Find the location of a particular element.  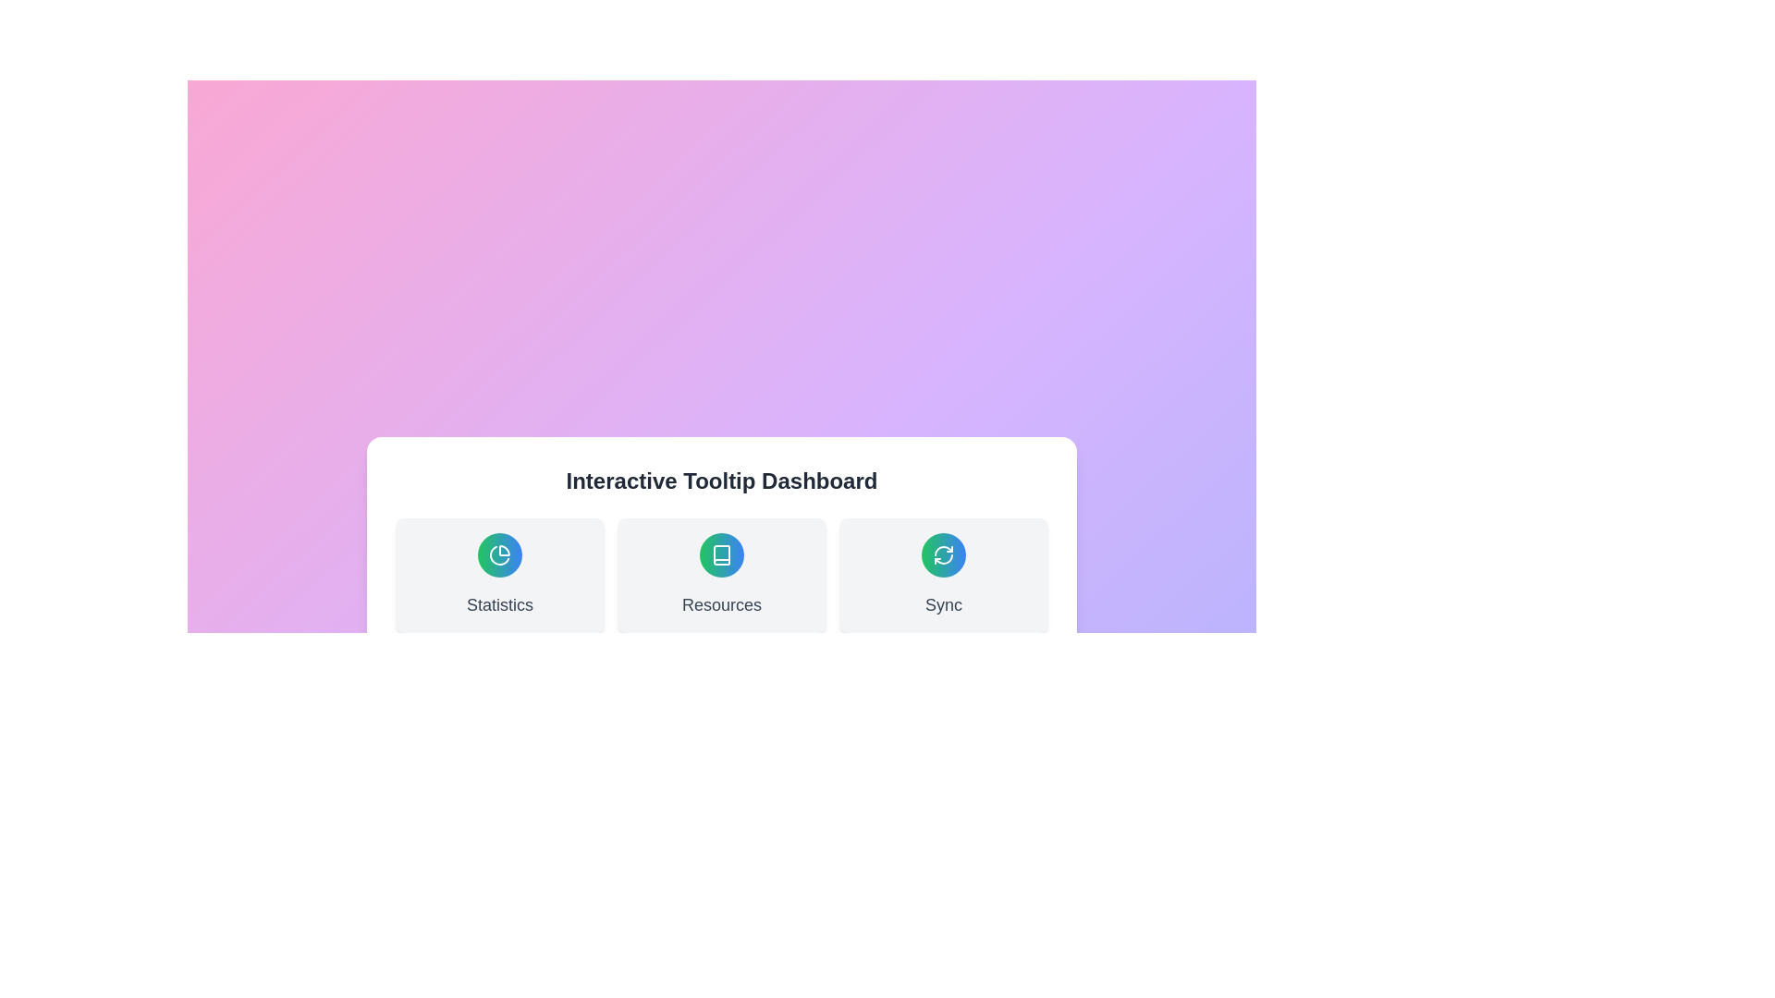

the circular gradient button with a refresh icon is located at coordinates (944, 554).